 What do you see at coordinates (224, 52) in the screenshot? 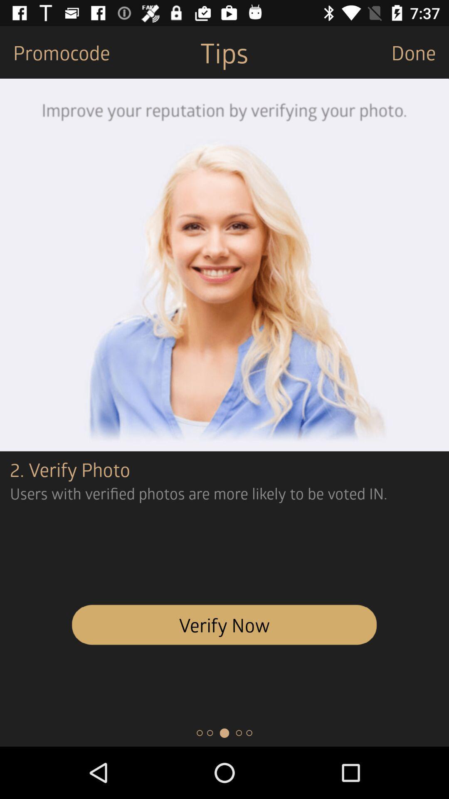
I see `tips icon` at bounding box center [224, 52].